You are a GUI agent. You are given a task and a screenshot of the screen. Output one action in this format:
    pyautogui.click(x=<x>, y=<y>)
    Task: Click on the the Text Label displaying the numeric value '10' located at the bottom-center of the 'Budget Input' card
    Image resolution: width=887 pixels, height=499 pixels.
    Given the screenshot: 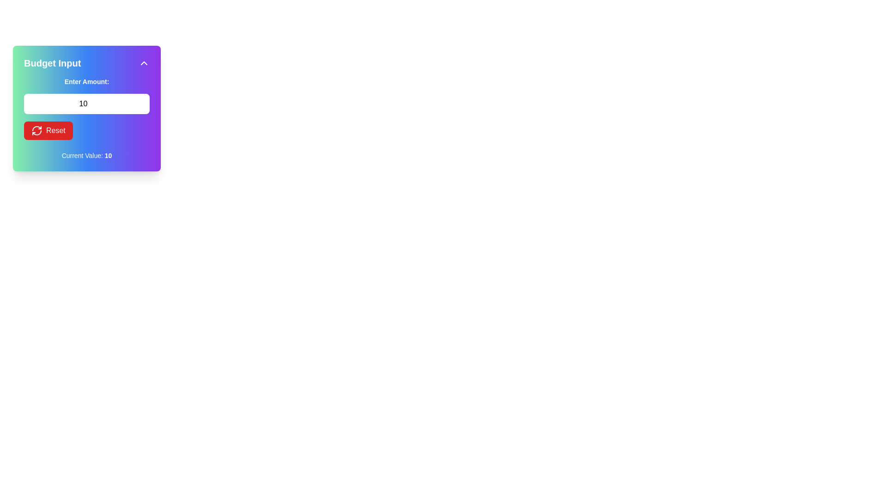 What is the action you would take?
    pyautogui.click(x=108, y=155)
    